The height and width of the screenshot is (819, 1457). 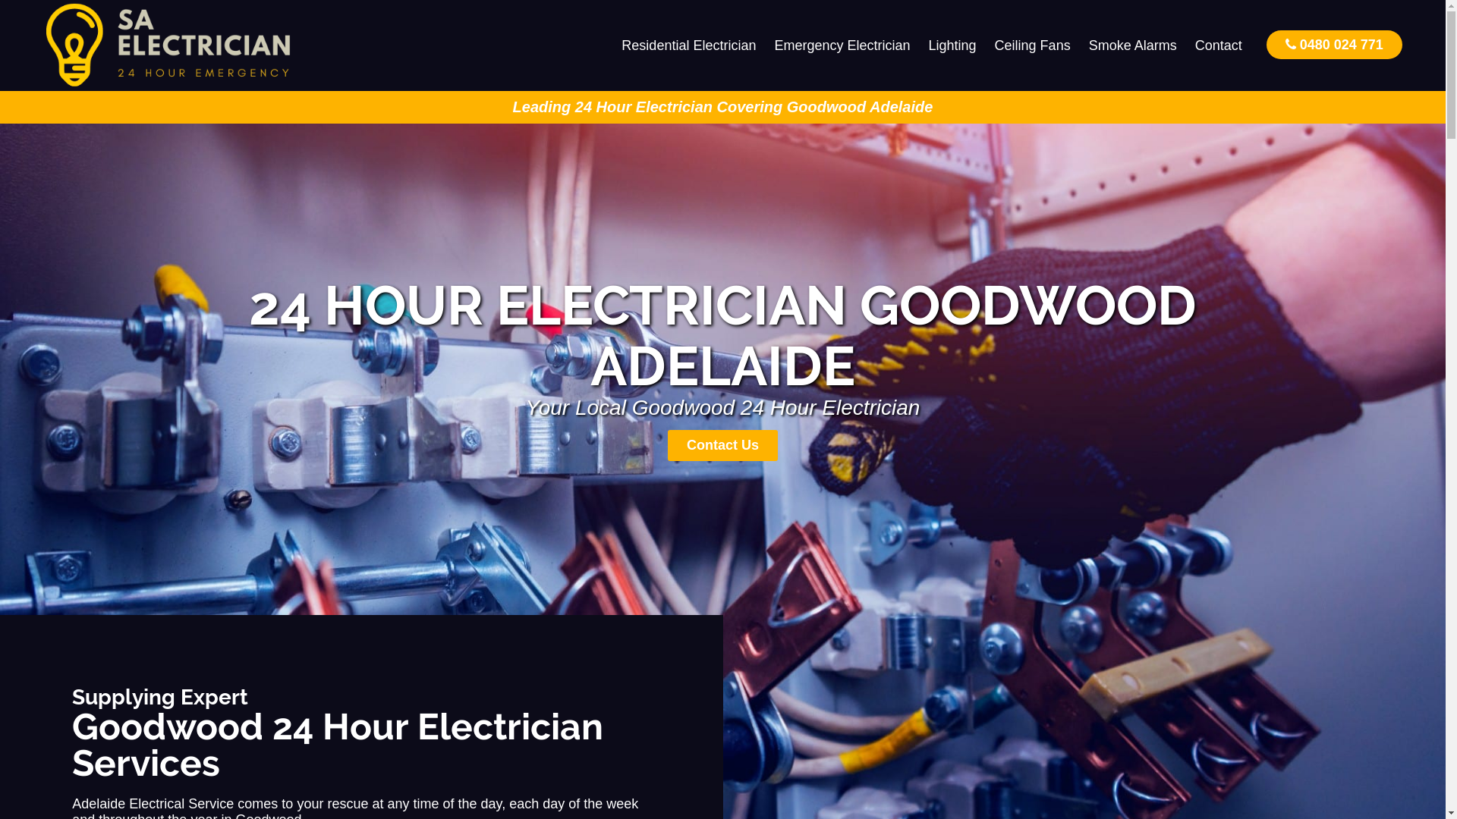 What do you see at coordinates (1333, 43) in the screenshot?
I see `'0480 024 771'` at bounding box center [1333, 43].